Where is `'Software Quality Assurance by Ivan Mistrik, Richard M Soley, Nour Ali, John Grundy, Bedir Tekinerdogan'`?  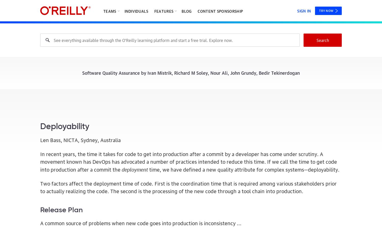 'Software Quality Assurance by Ivan Mistrik, Richard M Soley, Nour Ali, John Grundy, Bedir Tekinerdogan' is located at coordinates (82, 72).